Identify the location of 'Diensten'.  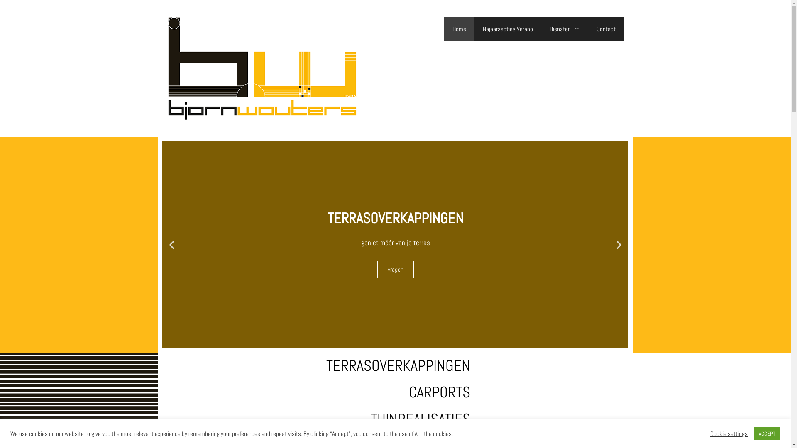
(541, 28).